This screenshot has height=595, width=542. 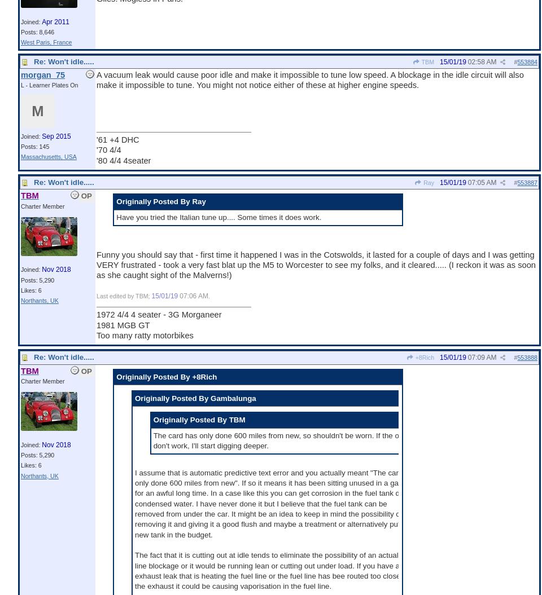 What do you see at coordinates (37, 32) in the screenshot?
I see `'Posts: 8,646'` at bounding box center [37, 32].